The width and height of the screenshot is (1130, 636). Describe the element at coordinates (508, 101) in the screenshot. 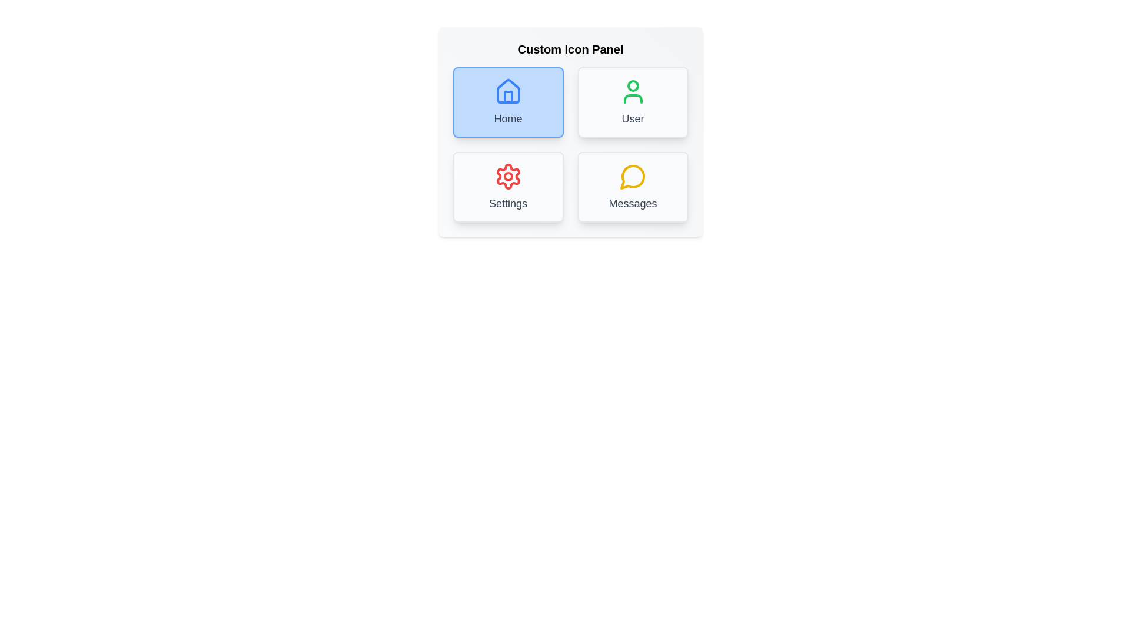

I see `the Home icon to observe its hover effect` at that location.